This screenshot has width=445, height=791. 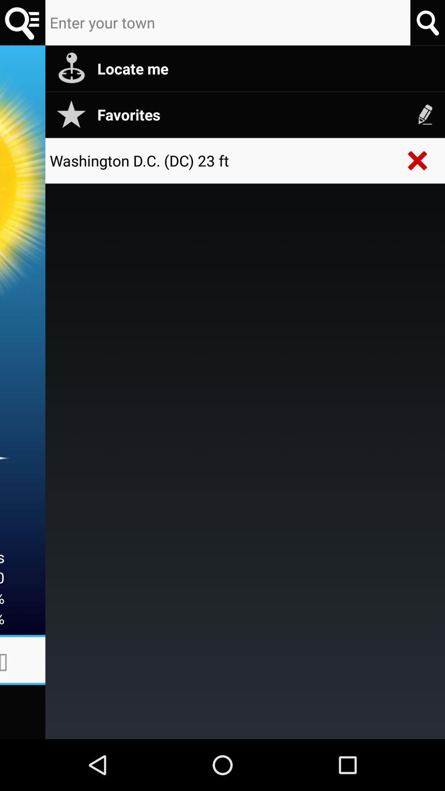 I want to click on item below locate me item, so click(x=425, y=114).